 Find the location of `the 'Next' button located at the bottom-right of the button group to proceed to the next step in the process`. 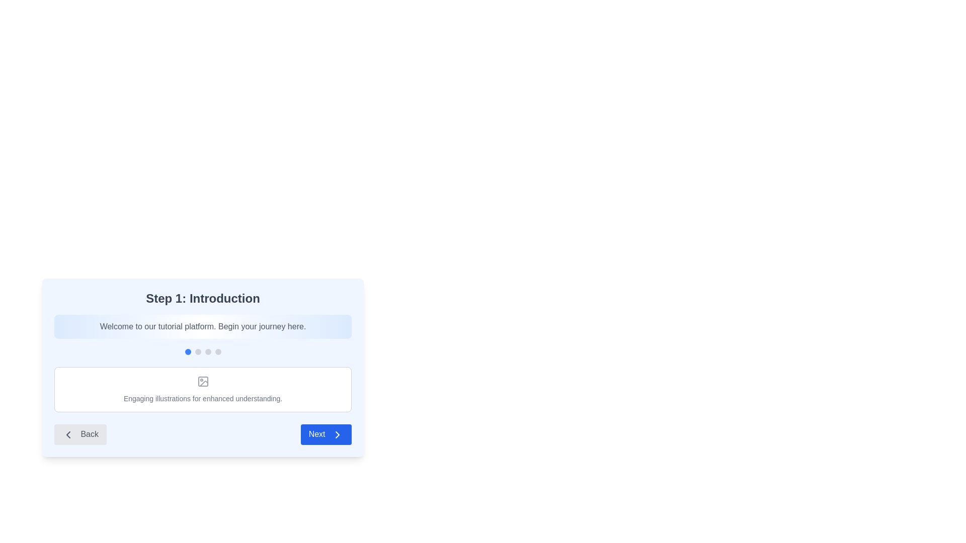

the 'Next' button located at the bottom-right of the button group to proceed to the next step in the process is located at coordinates (326, 434).